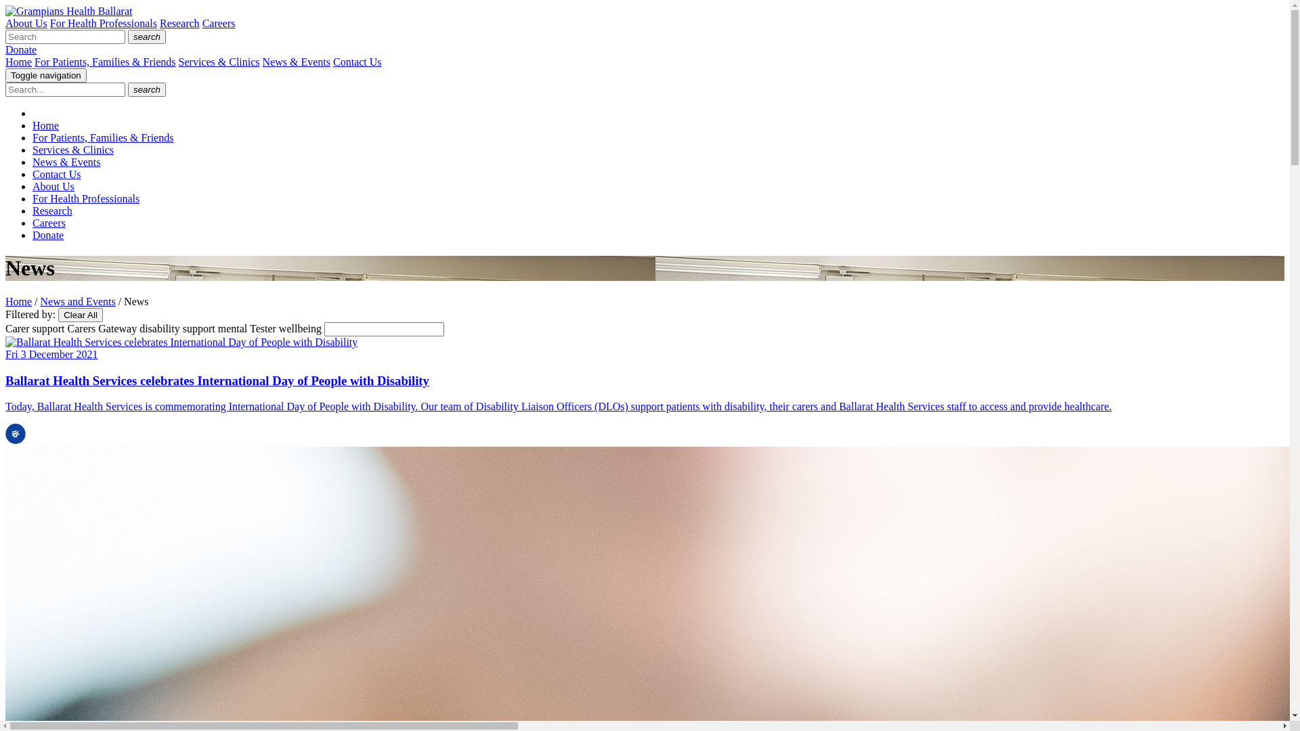 Image resolution: width=1300 pixels, height=731 pixels. What do you see at coordinates (18, 62) in the screenshot?
I see `'Home'` at bounding box center [18, 62].